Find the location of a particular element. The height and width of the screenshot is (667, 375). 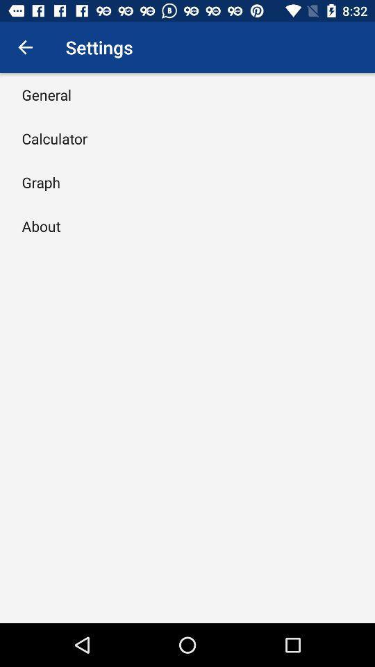

the general is located at coordinates (47, 94).